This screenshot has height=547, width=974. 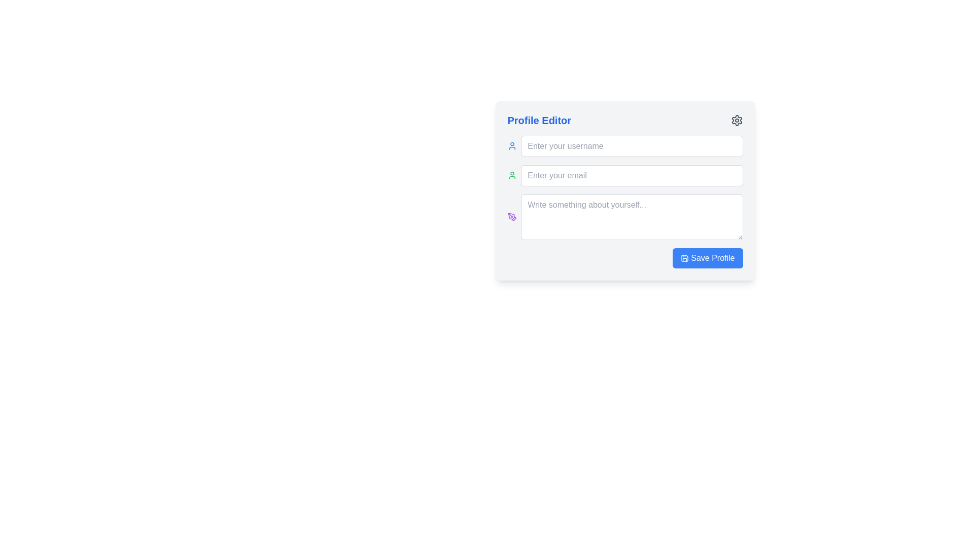 I want to click on the purple pen tool icon located to the left of the 'Write something about yourself' text area in the Profile Editor form, so click(x=511, y=216).